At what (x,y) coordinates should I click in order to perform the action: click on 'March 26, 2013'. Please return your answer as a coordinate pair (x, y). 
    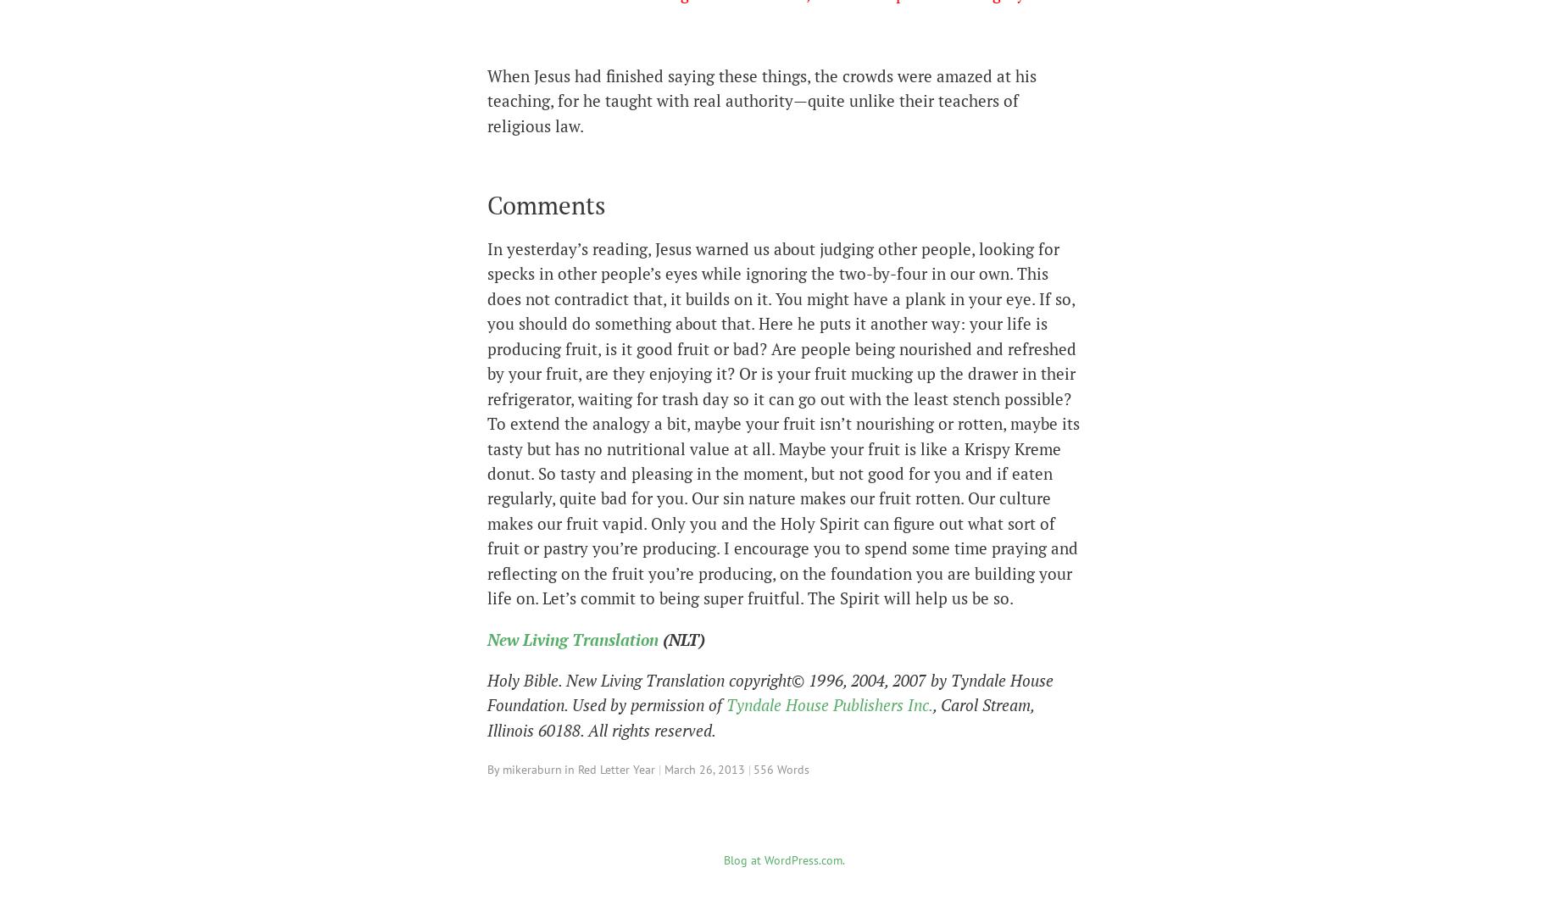
    Looking at the image, I should click on (703, 769).